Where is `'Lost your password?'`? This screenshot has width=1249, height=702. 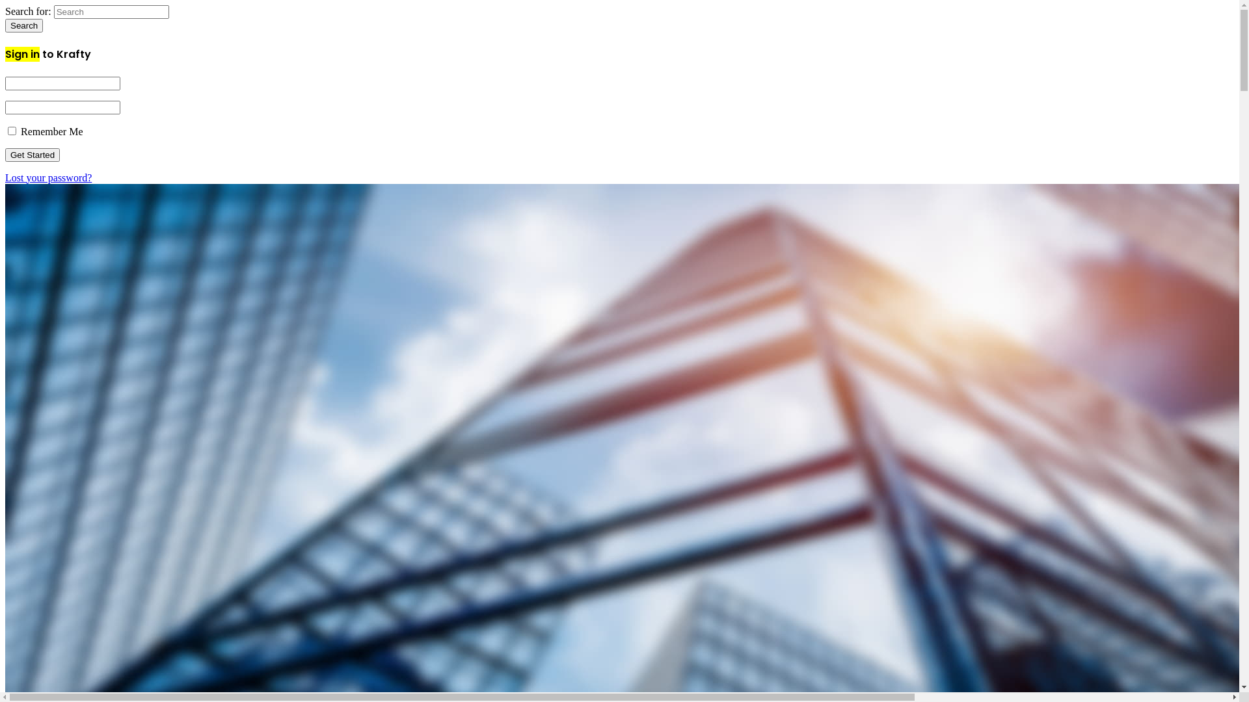 'Lost your password?' is located at coordinates (5, 177).